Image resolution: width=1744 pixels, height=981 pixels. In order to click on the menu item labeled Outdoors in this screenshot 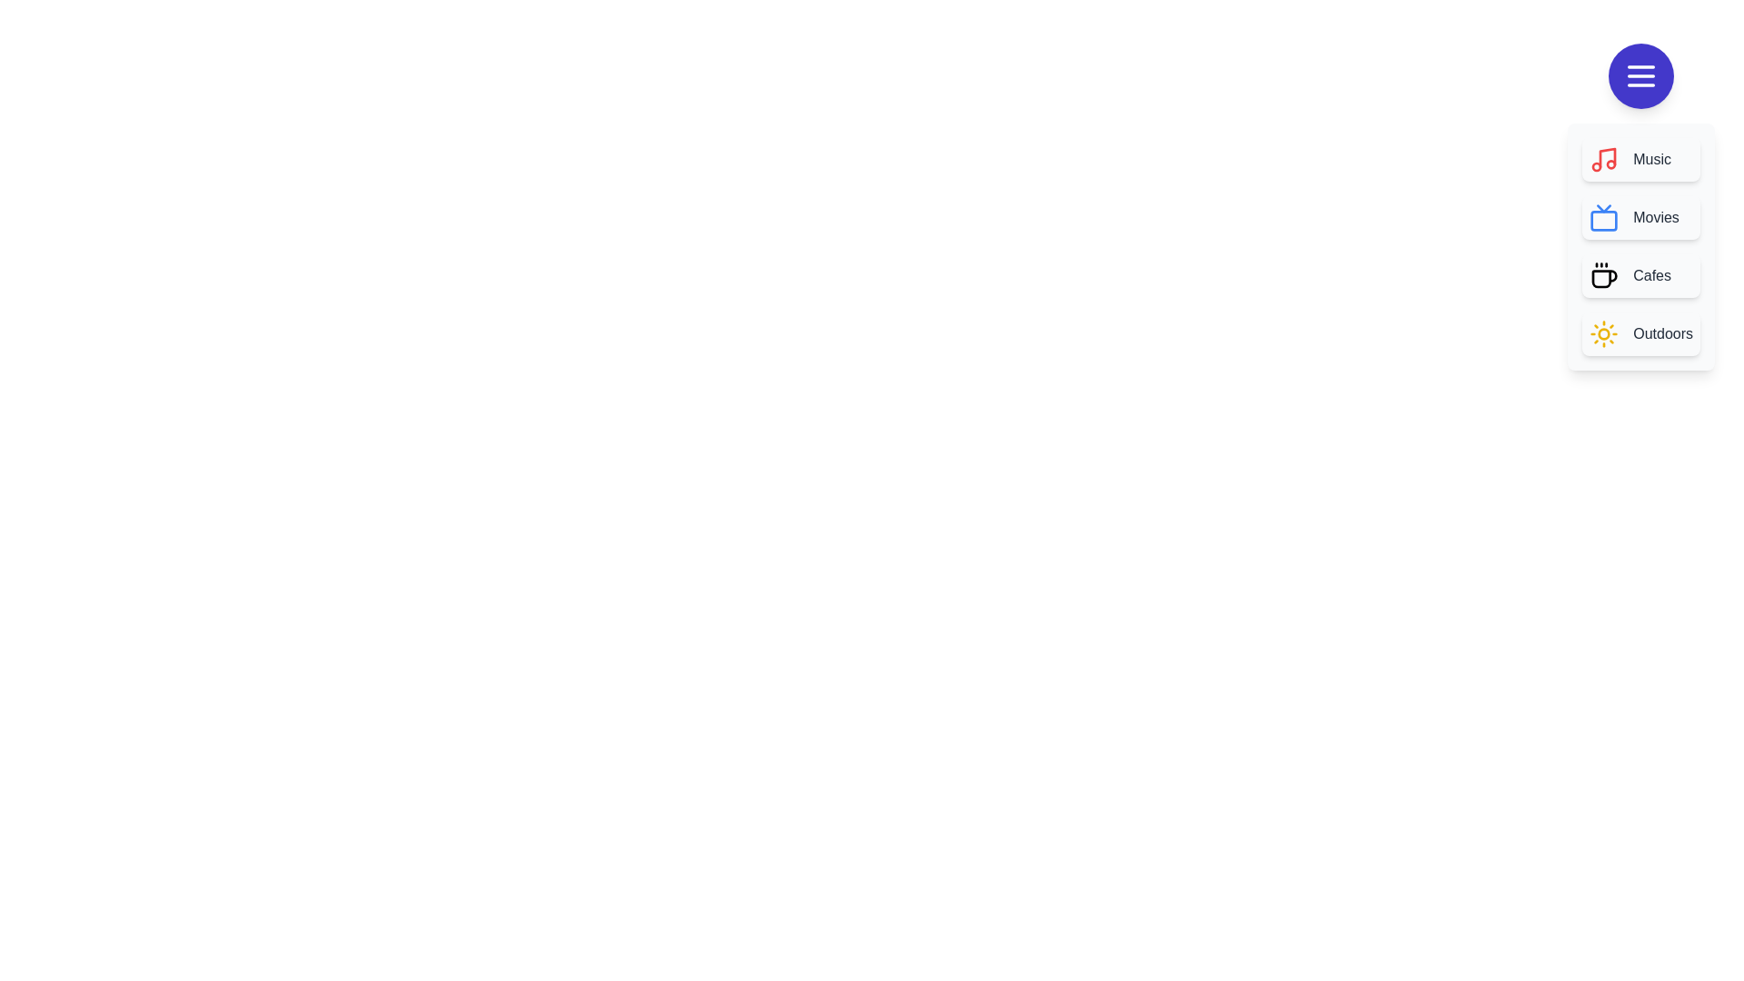, I will do `click(1640, 333)`.